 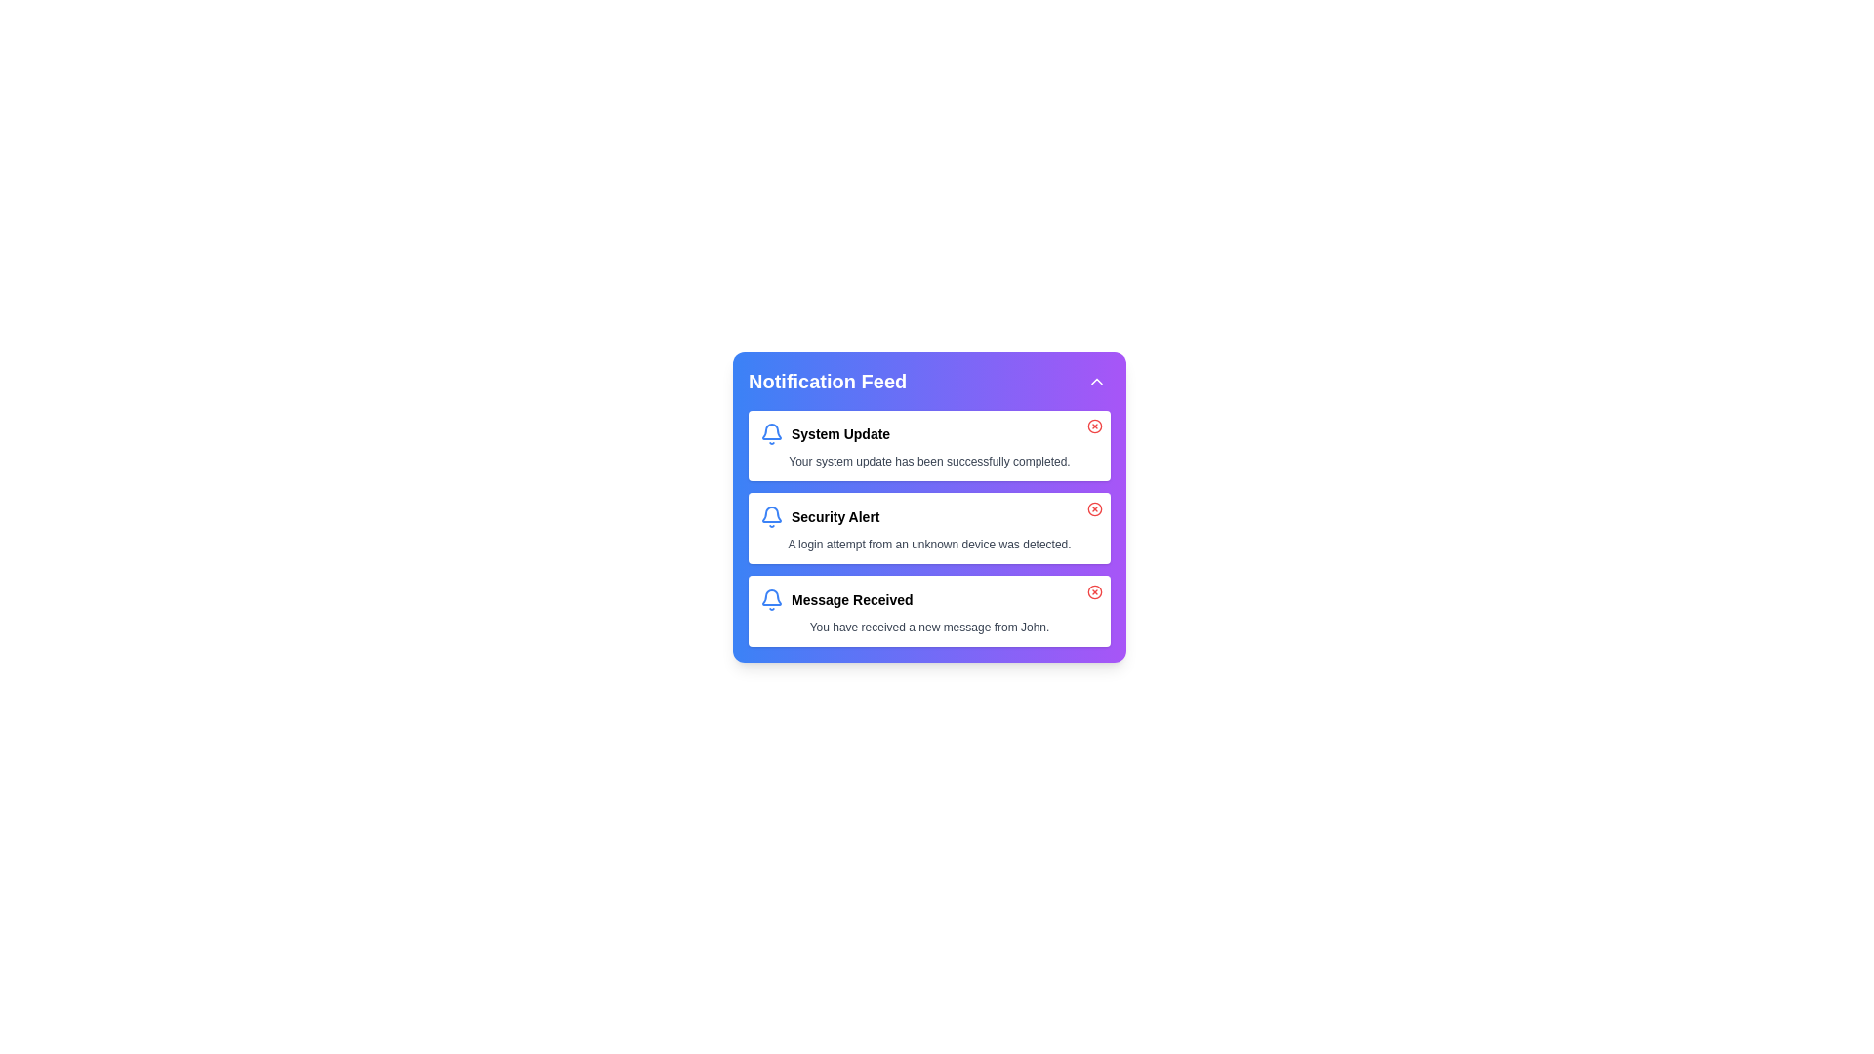 What do you see at coordinates (928, 432) in the screenshot?
I see `the 'Notification Feed' title text label that serves as the primary identifier for a system update notification` at bounding box center [928, 432].